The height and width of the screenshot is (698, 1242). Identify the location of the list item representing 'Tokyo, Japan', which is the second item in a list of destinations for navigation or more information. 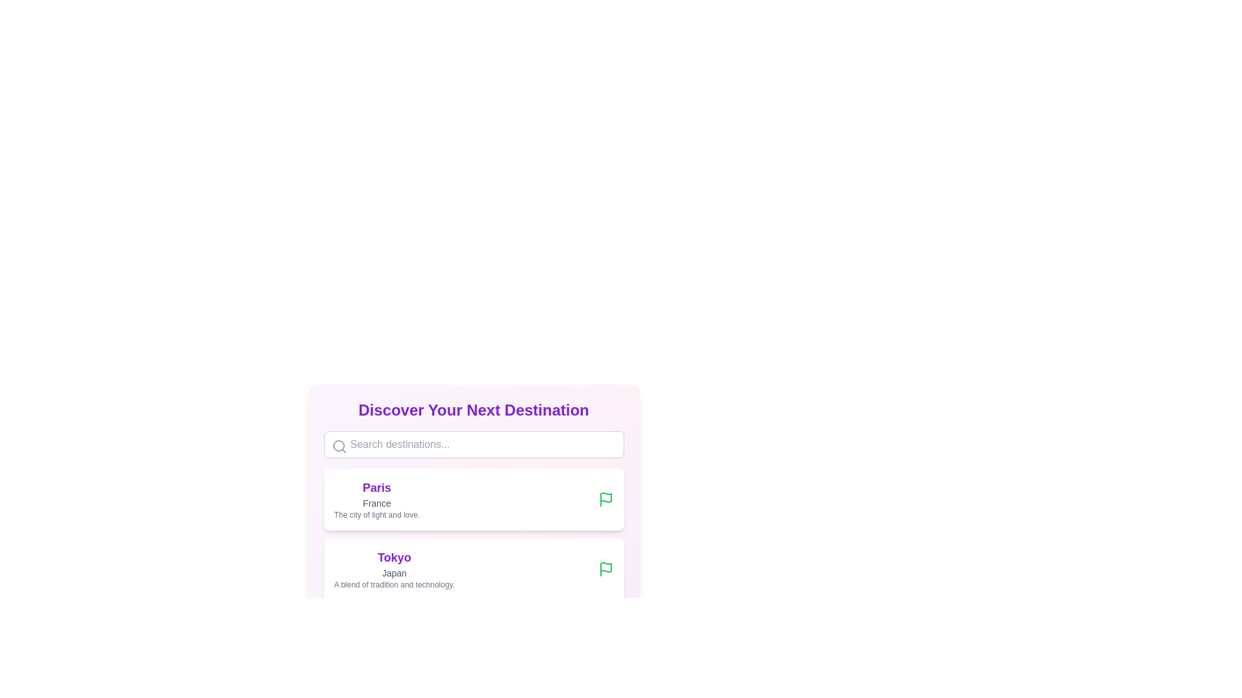
(393, 568).